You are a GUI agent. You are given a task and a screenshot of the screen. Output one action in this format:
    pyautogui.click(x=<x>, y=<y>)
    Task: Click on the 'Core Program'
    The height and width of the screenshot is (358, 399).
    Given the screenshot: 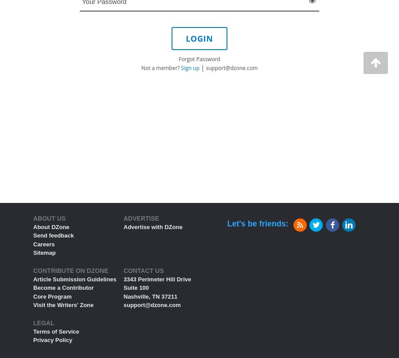 What is the action you would take?
    pyautogui.click(x=32, y=296)
    